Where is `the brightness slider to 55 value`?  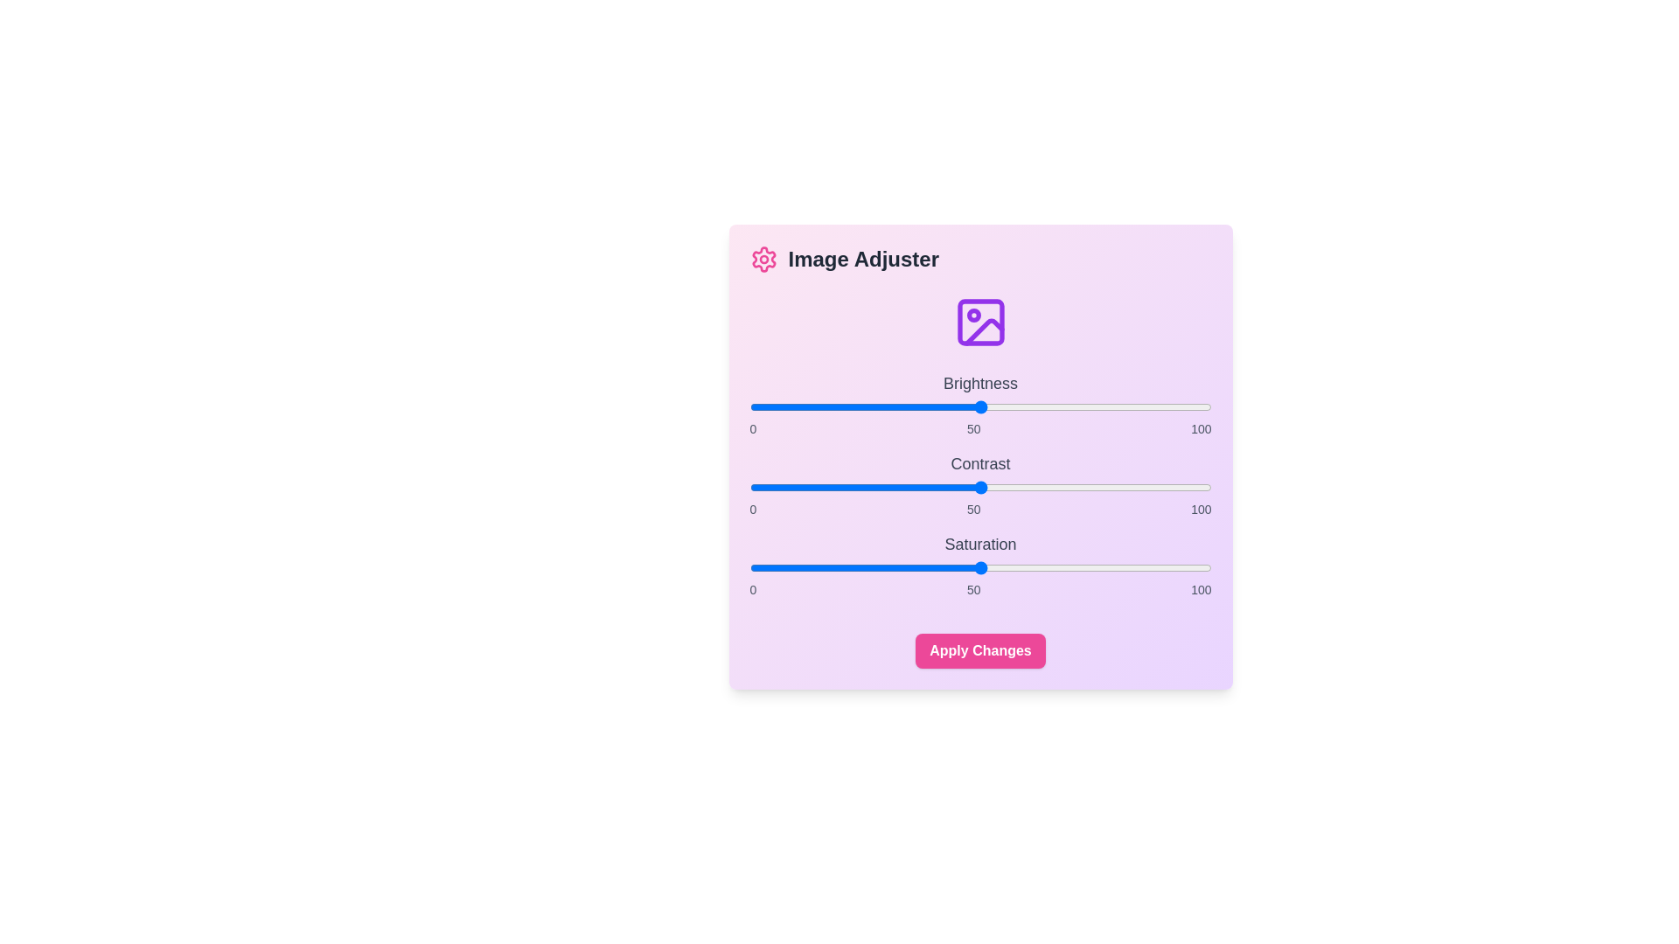 the brightness slider to 55 value is located at coordinates (1003, 407).